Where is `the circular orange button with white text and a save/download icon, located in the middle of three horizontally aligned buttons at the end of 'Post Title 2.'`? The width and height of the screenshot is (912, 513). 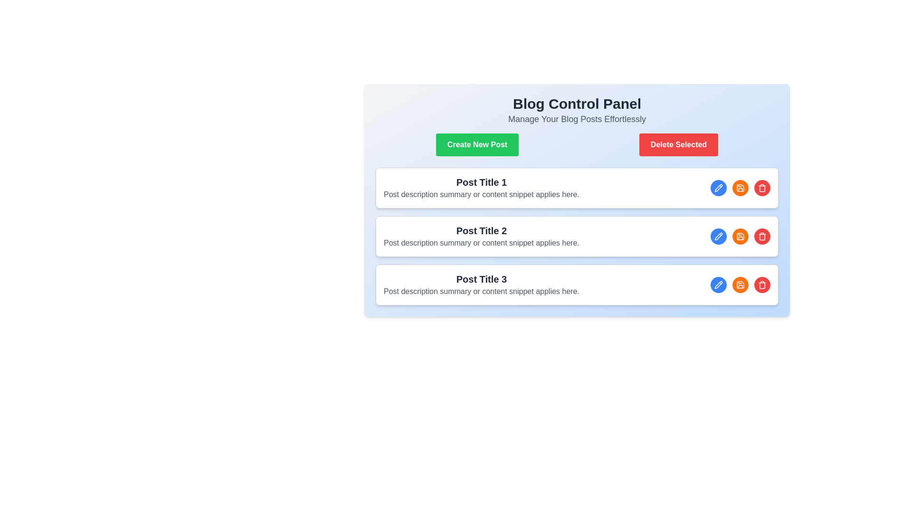 the circular orange button with white text and a save/download icon, located in the middle of three horizontally aligned buttons at the end of 'Post Title 2.' is located at coordinates (740, 236).